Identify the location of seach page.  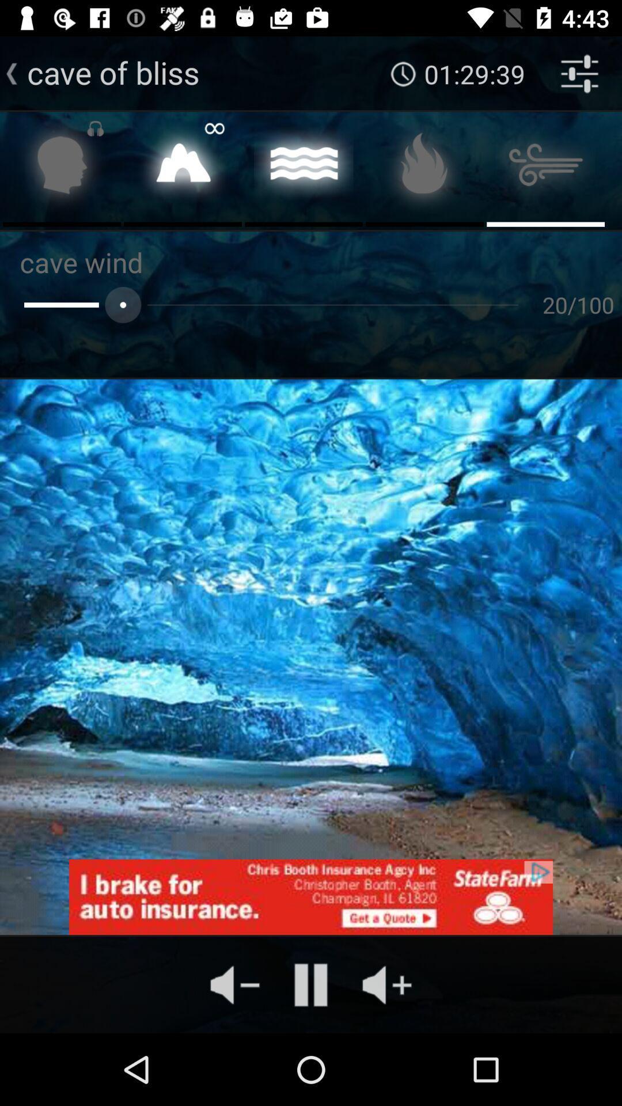
(62, 168).